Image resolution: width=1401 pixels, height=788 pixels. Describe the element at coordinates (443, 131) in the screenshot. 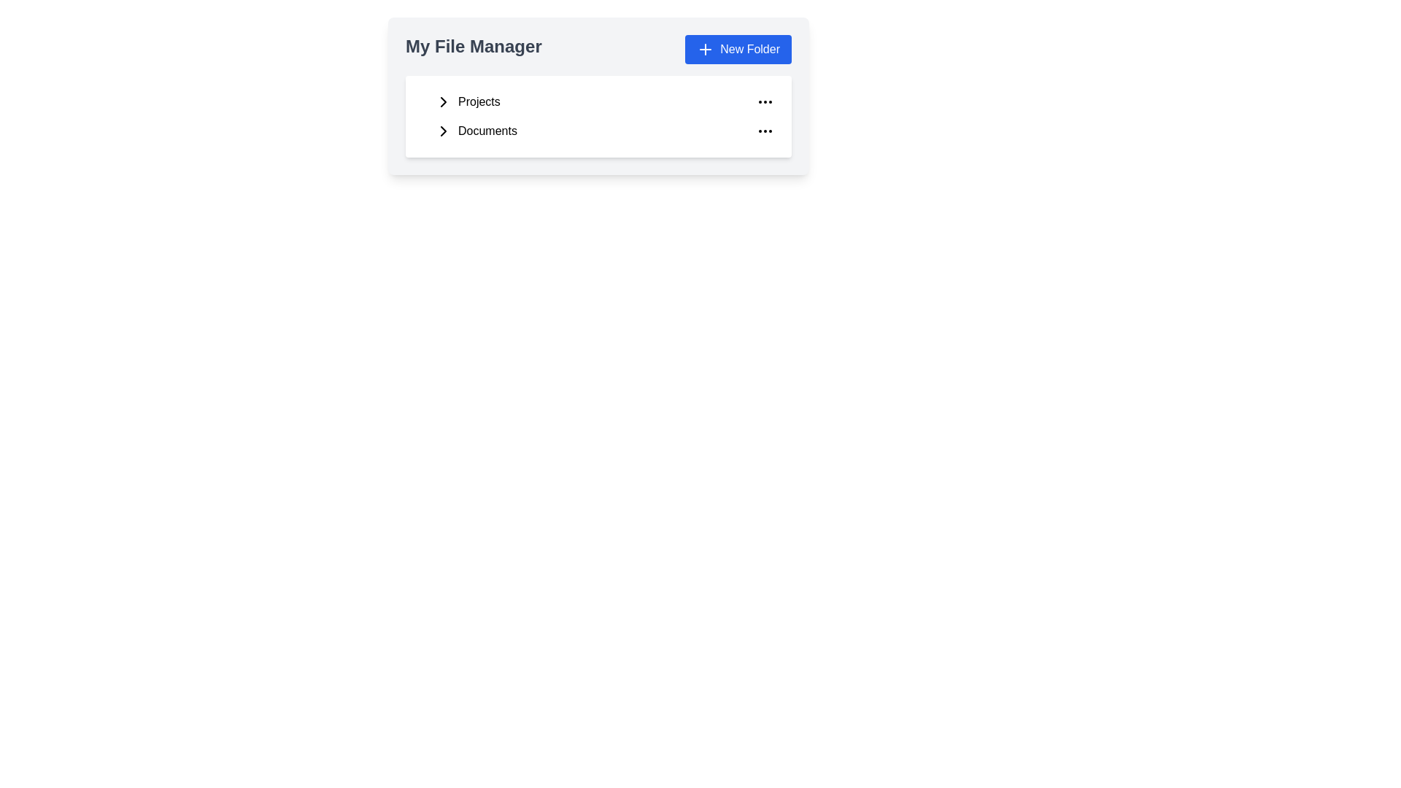

I see `the right-pointing arrow icon located in the 'Documents' section of the file manager interface` at that location.